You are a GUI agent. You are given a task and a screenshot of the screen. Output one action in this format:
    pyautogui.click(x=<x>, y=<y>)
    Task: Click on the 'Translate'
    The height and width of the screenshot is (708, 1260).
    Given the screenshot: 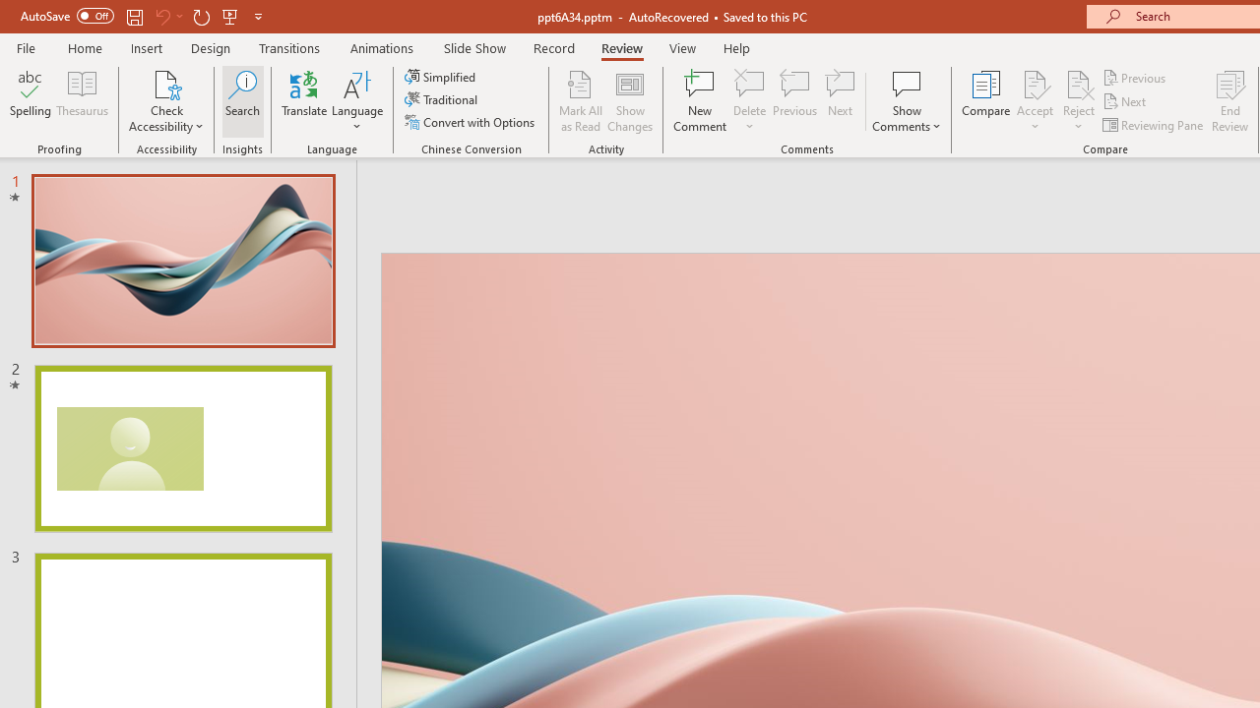 What is the action you would take?
    pyautogui.click(x=303, y=101)
    